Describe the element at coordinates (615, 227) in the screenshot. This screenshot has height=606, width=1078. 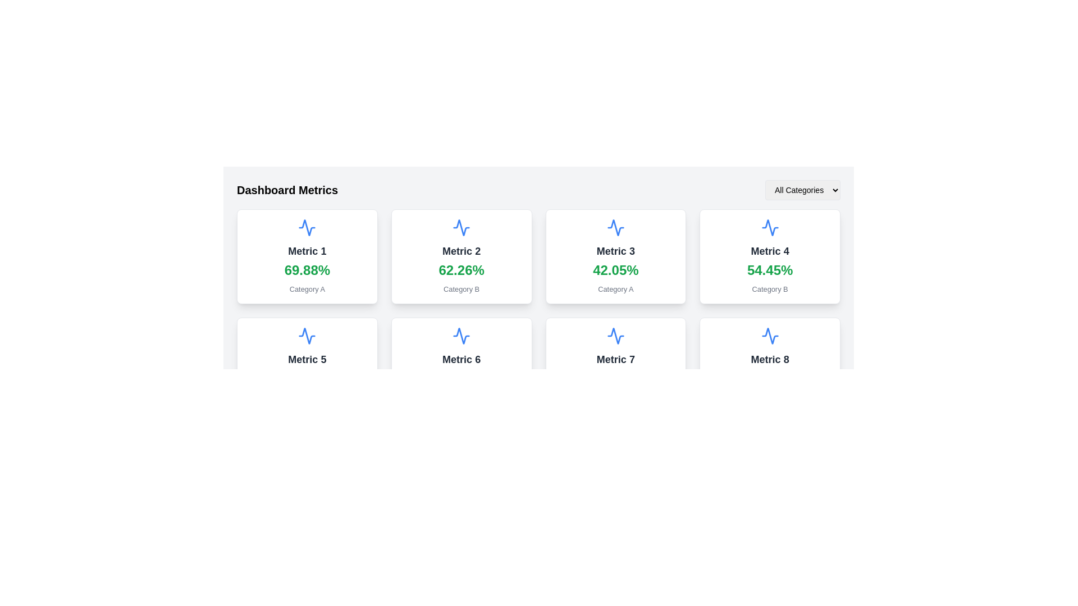
I see `the graphical indicator icon located at the center-top of the card labeled 'Metric 3' in the second row and third column of the grid layout` at that location.